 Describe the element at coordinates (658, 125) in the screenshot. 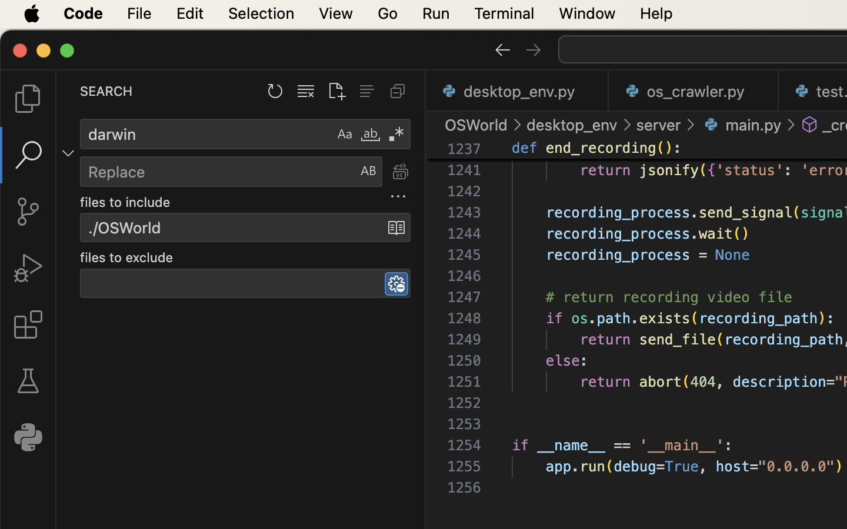

I see `'server'` at that location.